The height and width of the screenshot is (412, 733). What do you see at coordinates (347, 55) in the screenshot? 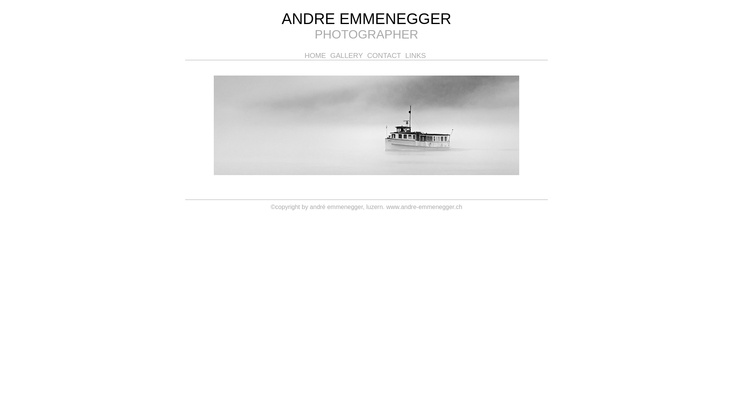
I see `'GALLERY'` at bounding box center [347, 55].